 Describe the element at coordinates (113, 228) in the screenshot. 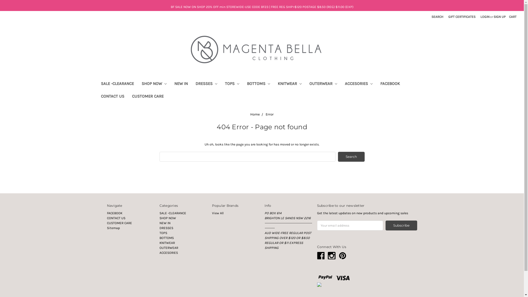

I see `'Sitemap'` at that location.